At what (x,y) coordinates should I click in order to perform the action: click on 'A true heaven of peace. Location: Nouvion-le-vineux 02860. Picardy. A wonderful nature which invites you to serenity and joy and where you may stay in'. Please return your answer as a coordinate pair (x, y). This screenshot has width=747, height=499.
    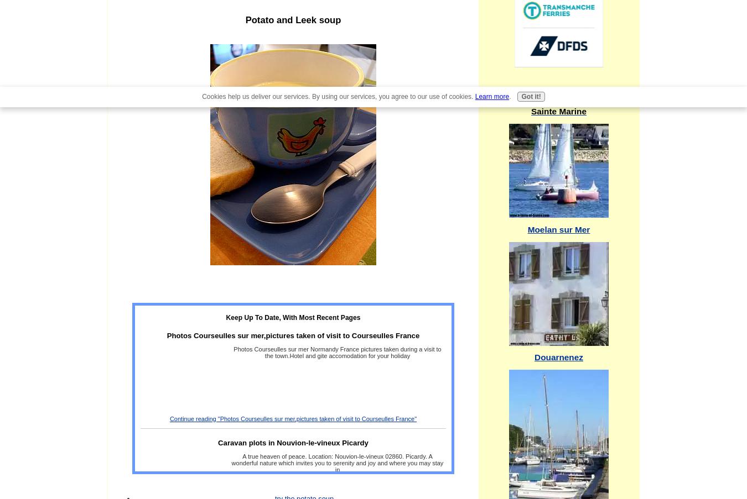
    Looking at the image, I should click on (337, 462).